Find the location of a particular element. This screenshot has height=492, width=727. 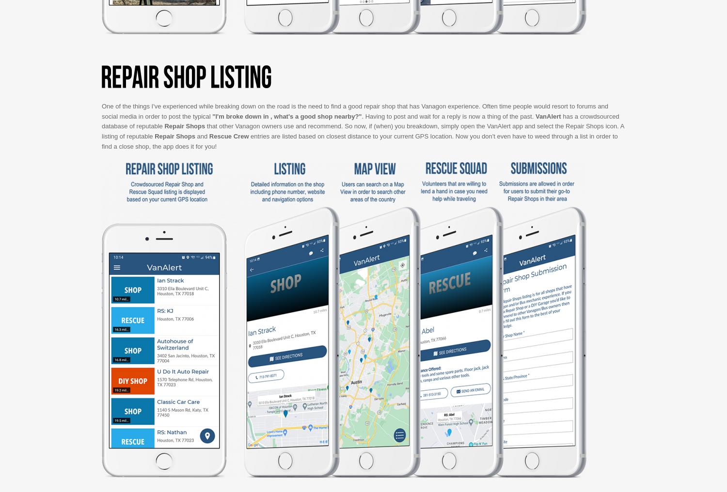

'that other Vanagon owners use and recommend. So now, if (when) you breakdown, simply open the VanAlert app and select the Repair Shops icon. A listing of reputable' is located at coordinates (101, 130).